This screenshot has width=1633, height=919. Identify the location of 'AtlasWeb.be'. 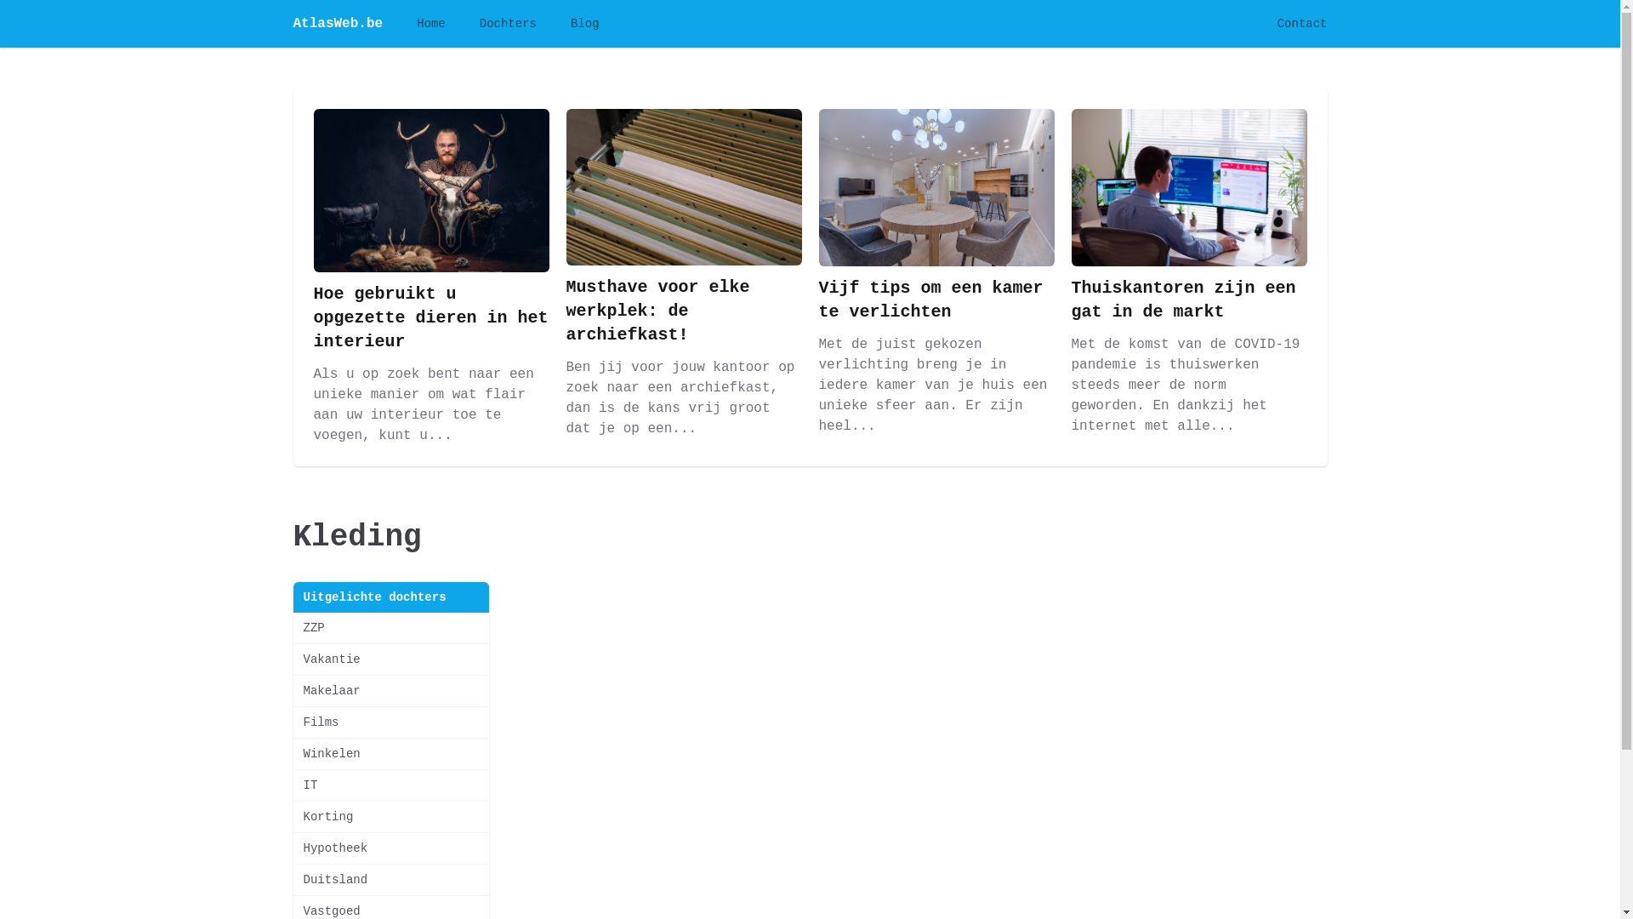
(338, 23).